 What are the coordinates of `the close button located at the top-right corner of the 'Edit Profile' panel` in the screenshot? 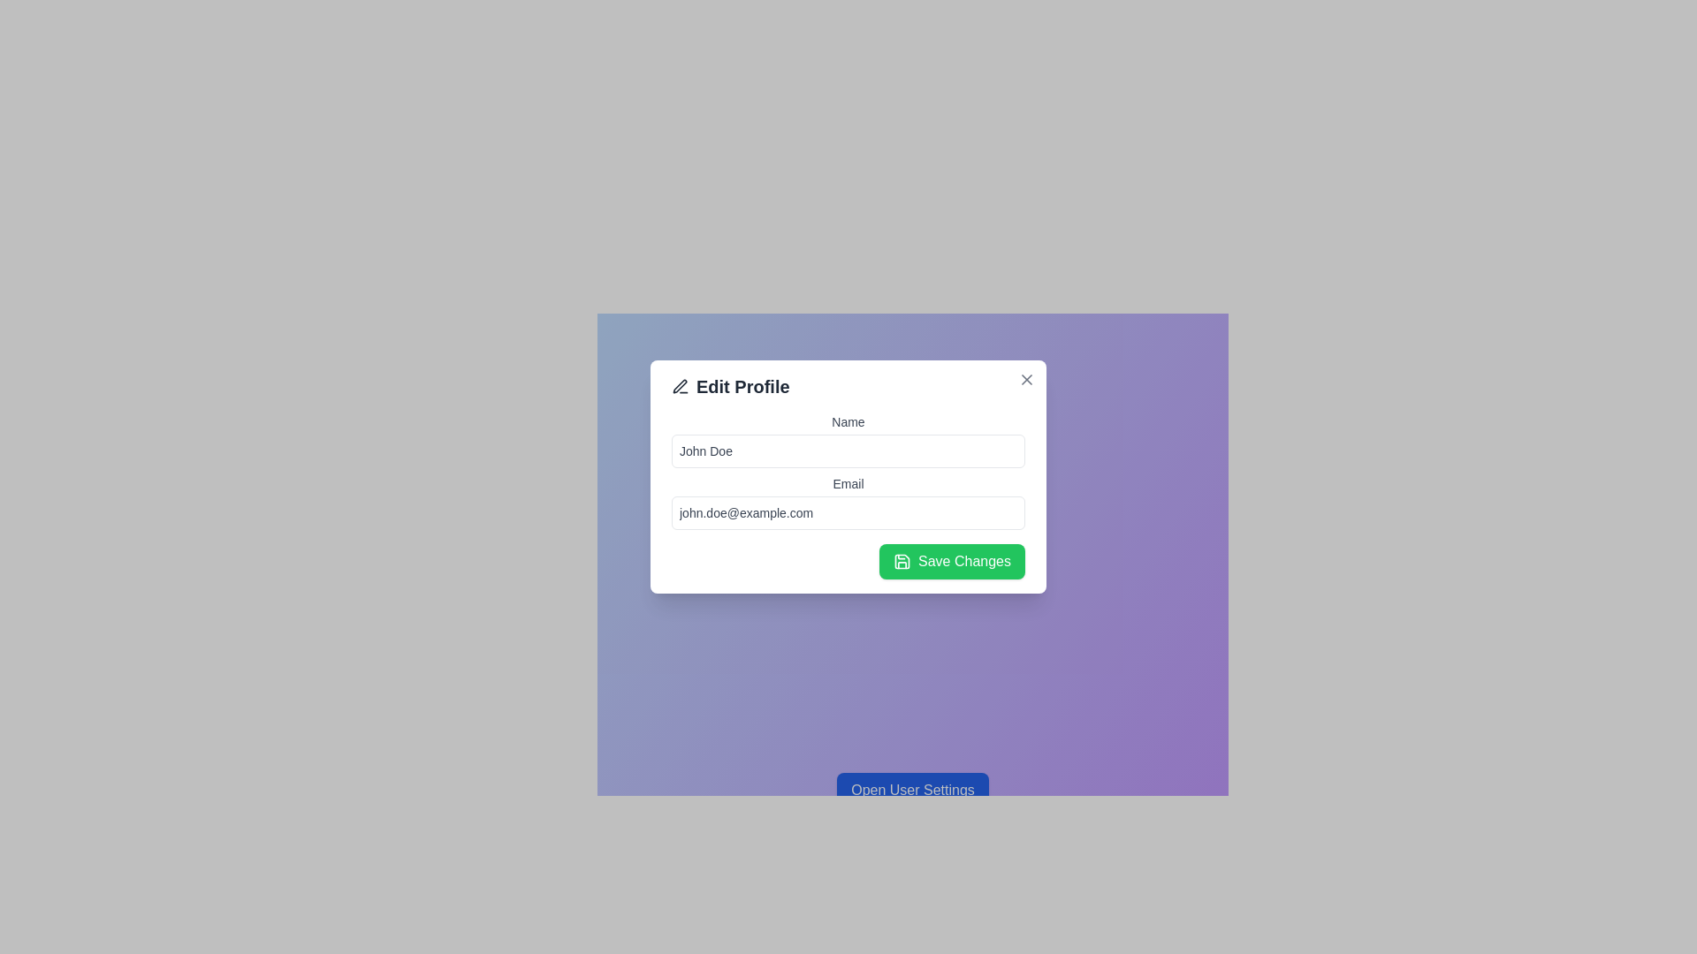 It's located at (1026, 378).